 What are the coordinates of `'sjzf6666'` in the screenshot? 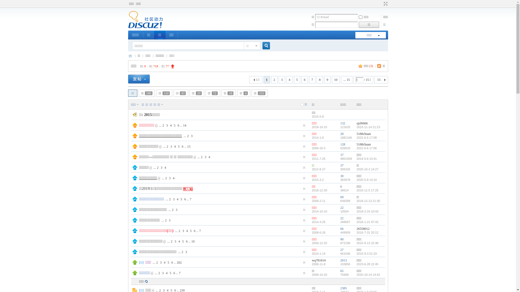 It's located at (362, 123).